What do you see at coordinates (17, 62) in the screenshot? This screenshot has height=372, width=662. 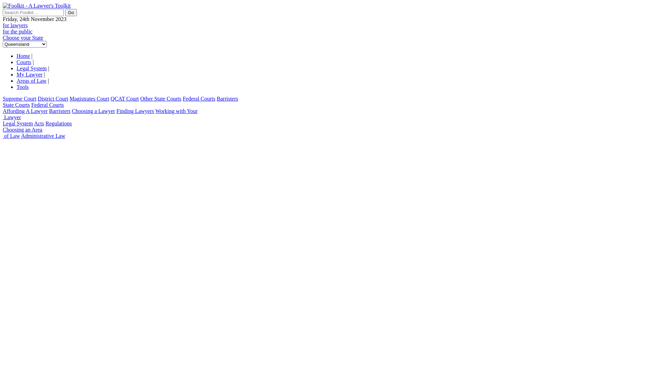 I see `'Courts'` at bounding box center [17, 62].